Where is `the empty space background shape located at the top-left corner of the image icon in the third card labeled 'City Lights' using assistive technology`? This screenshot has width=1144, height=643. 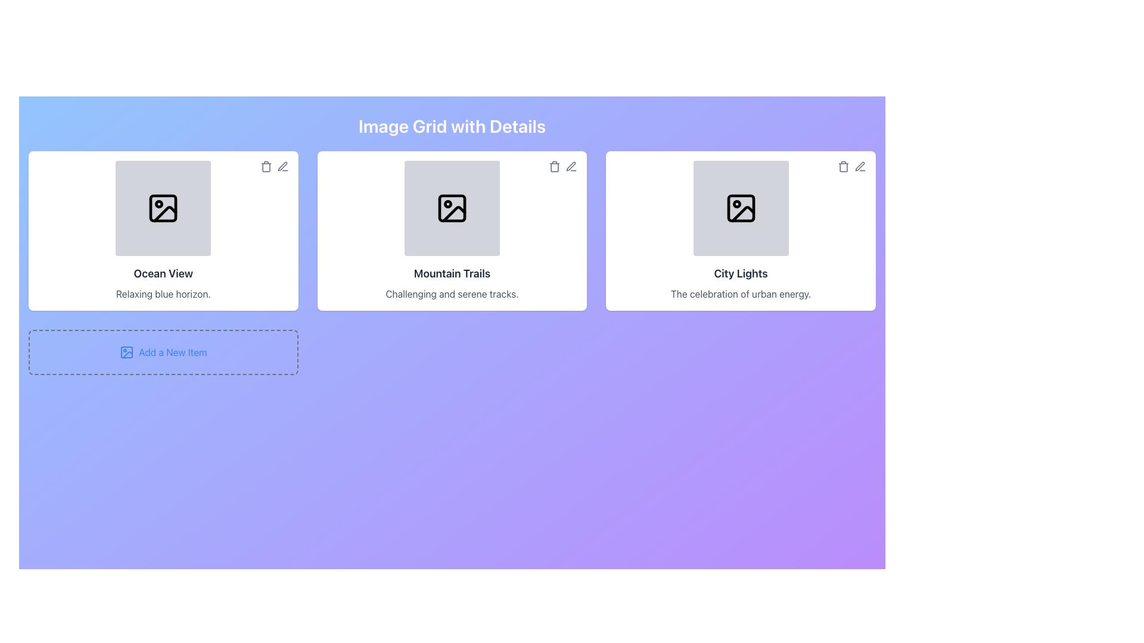
the empty space background shape located at the top-left corner of the image icon in the third card labeled 'City Lights' using assistive technology is located at coordinates (740, 208).